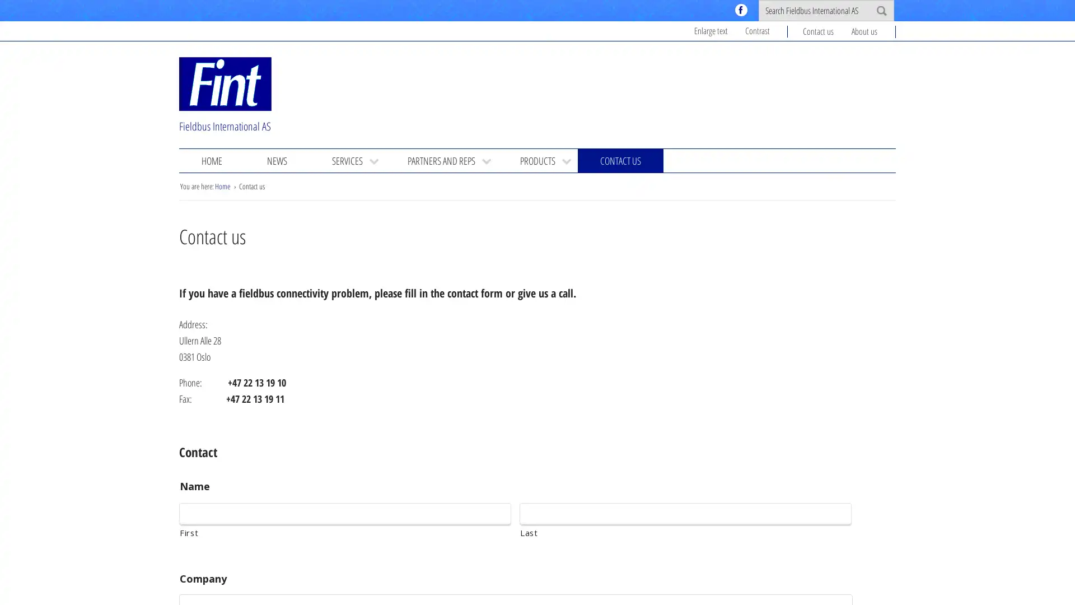 This screenshot has width=1075, height=605. Describe the element at coordinates (881, 11) in the screenshot. I see `Search` at that location.